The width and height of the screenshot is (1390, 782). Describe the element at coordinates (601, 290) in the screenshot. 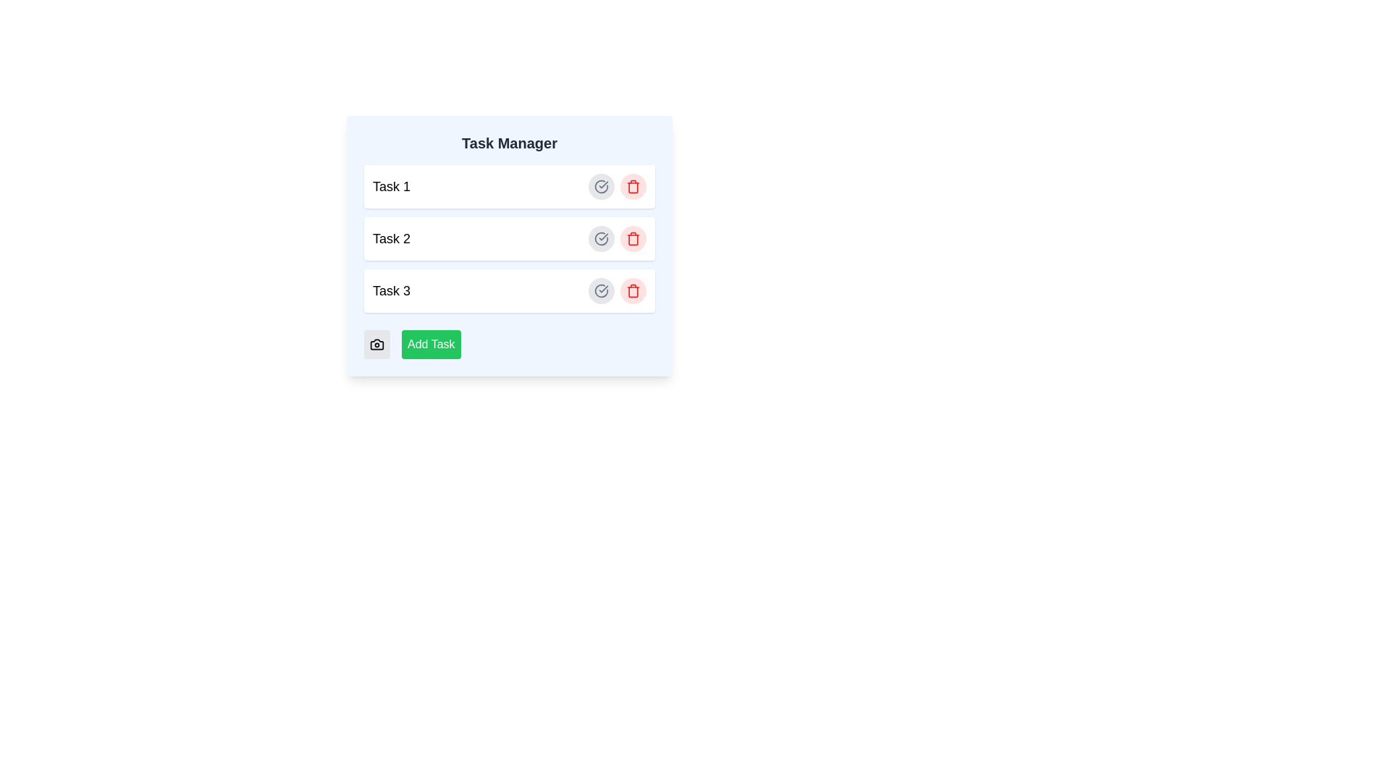

I see `the completion indicator button for the 'Task 3' item to mark the task as completed` at that location.